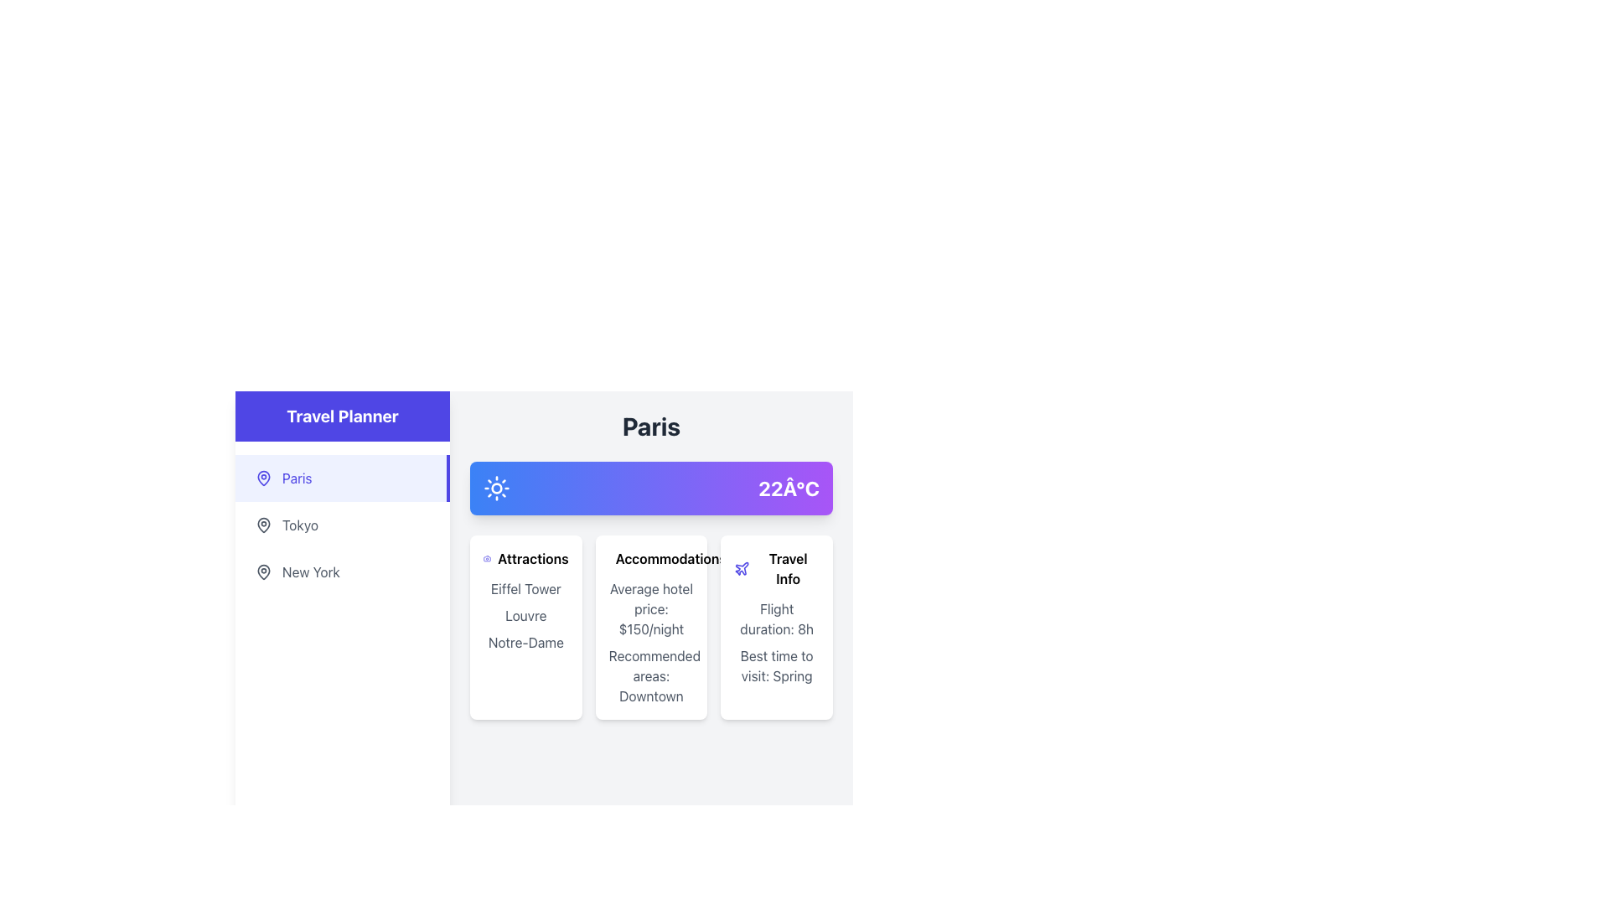 This screenshot has height=905, width=1609. What do you see at coordinates (297, 478) in the screenshot?
I see `the static text element displaying the word 'Paris' which is styled in a bold font and located in the navigation menu on the left panel` at bounding box center [297, 478].